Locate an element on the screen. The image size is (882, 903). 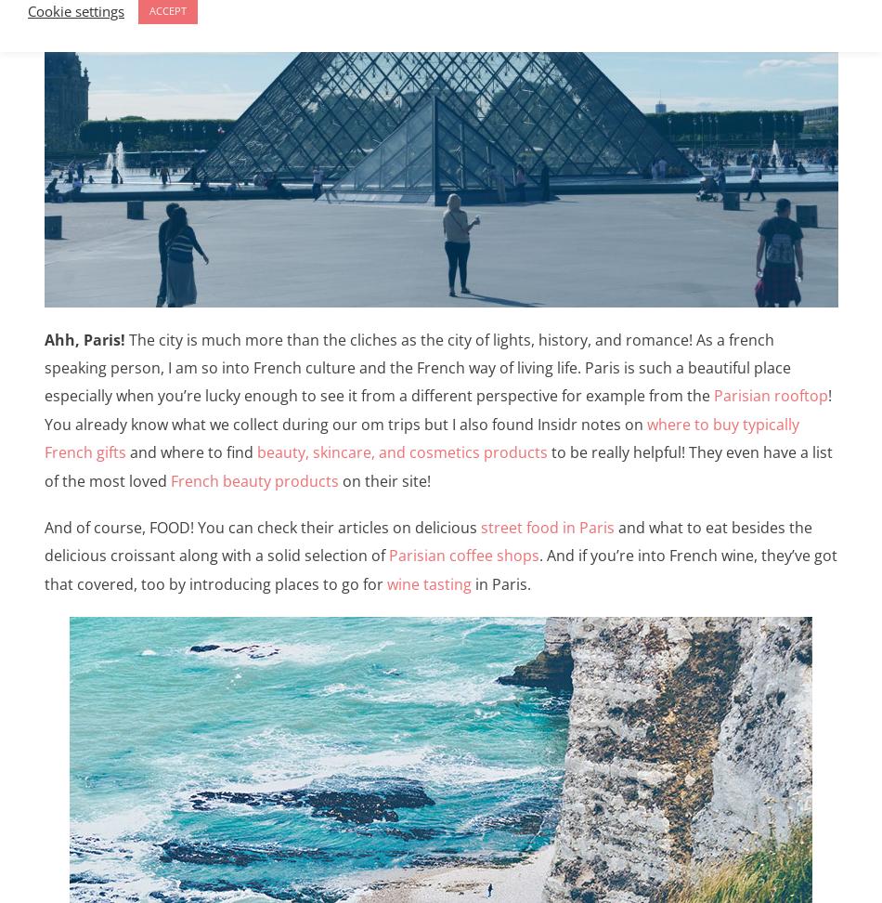
'! You already know what we collect during our om trips but I also found Insidr notes on' is located at coordinates (436, 408).